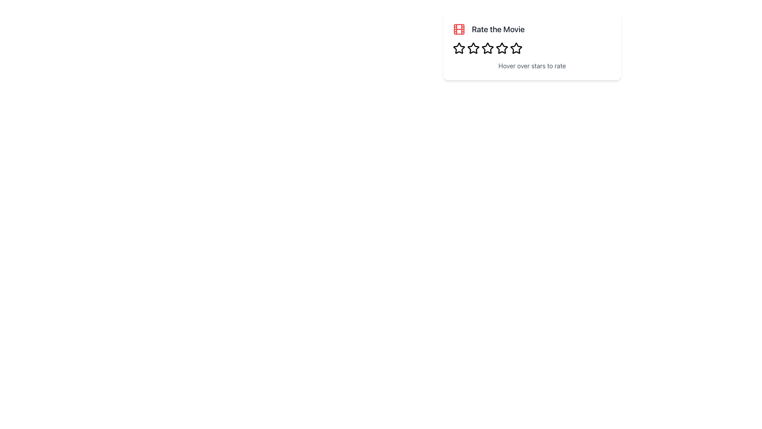  Describe the element at coordinates (502, 48) in the screenshot. I see `the fifth star-shaped icon in the rating component below the 'Rate the Movie' label` at that location.